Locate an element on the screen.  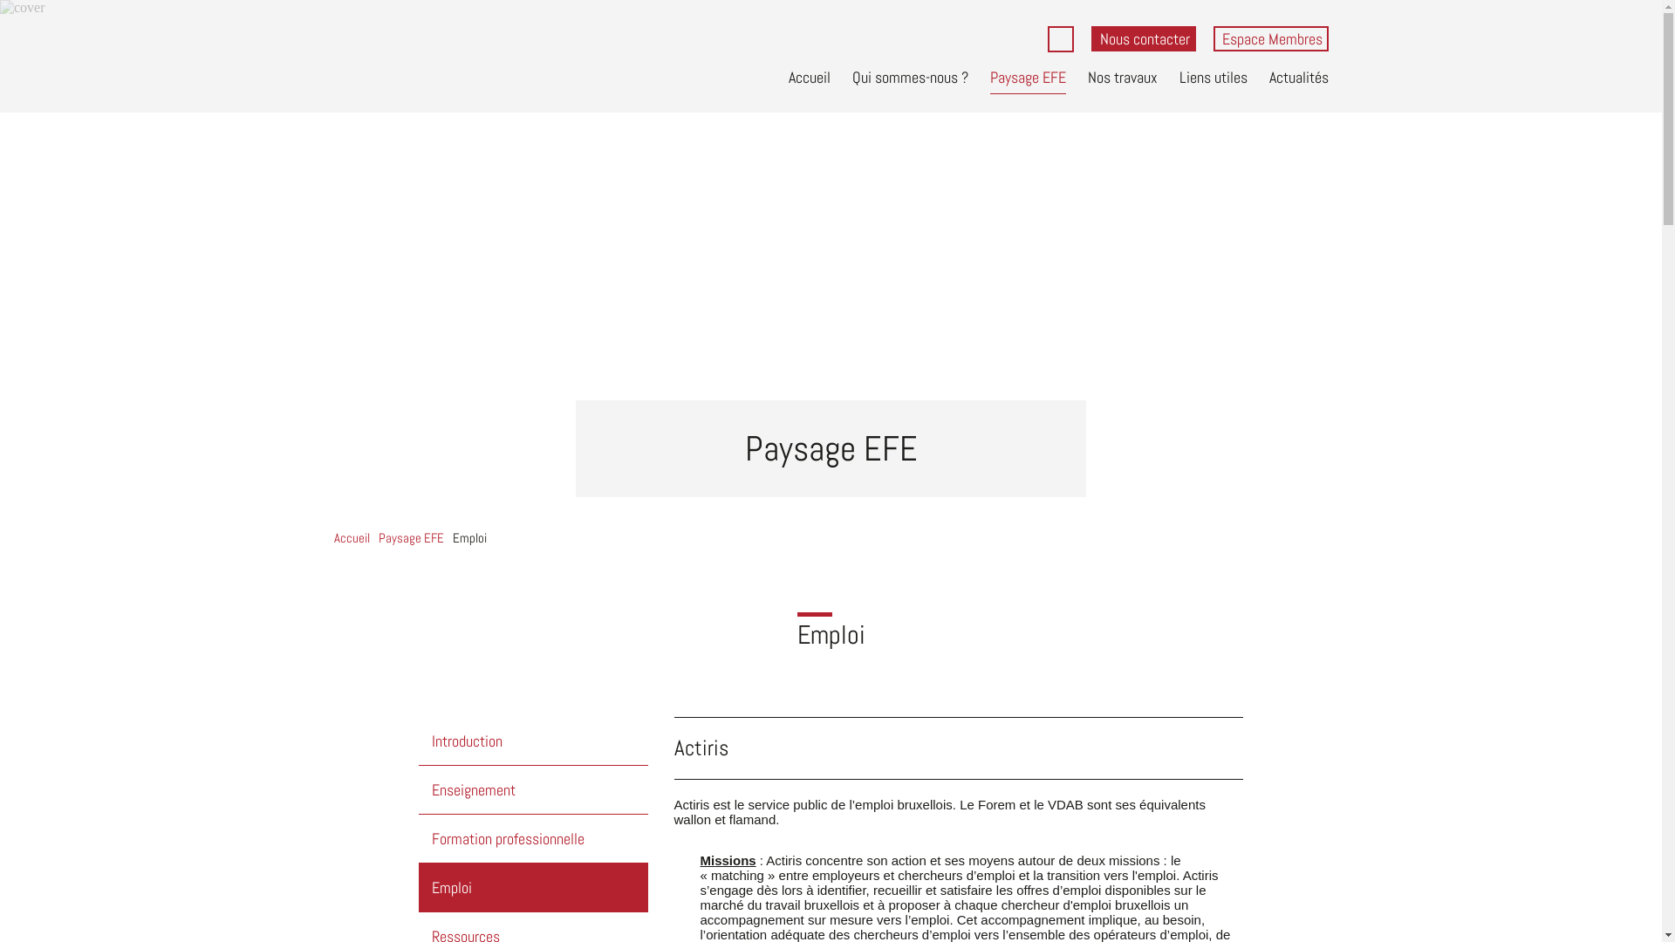
'Formation professionnelle' is located at coordinates (532, 837).